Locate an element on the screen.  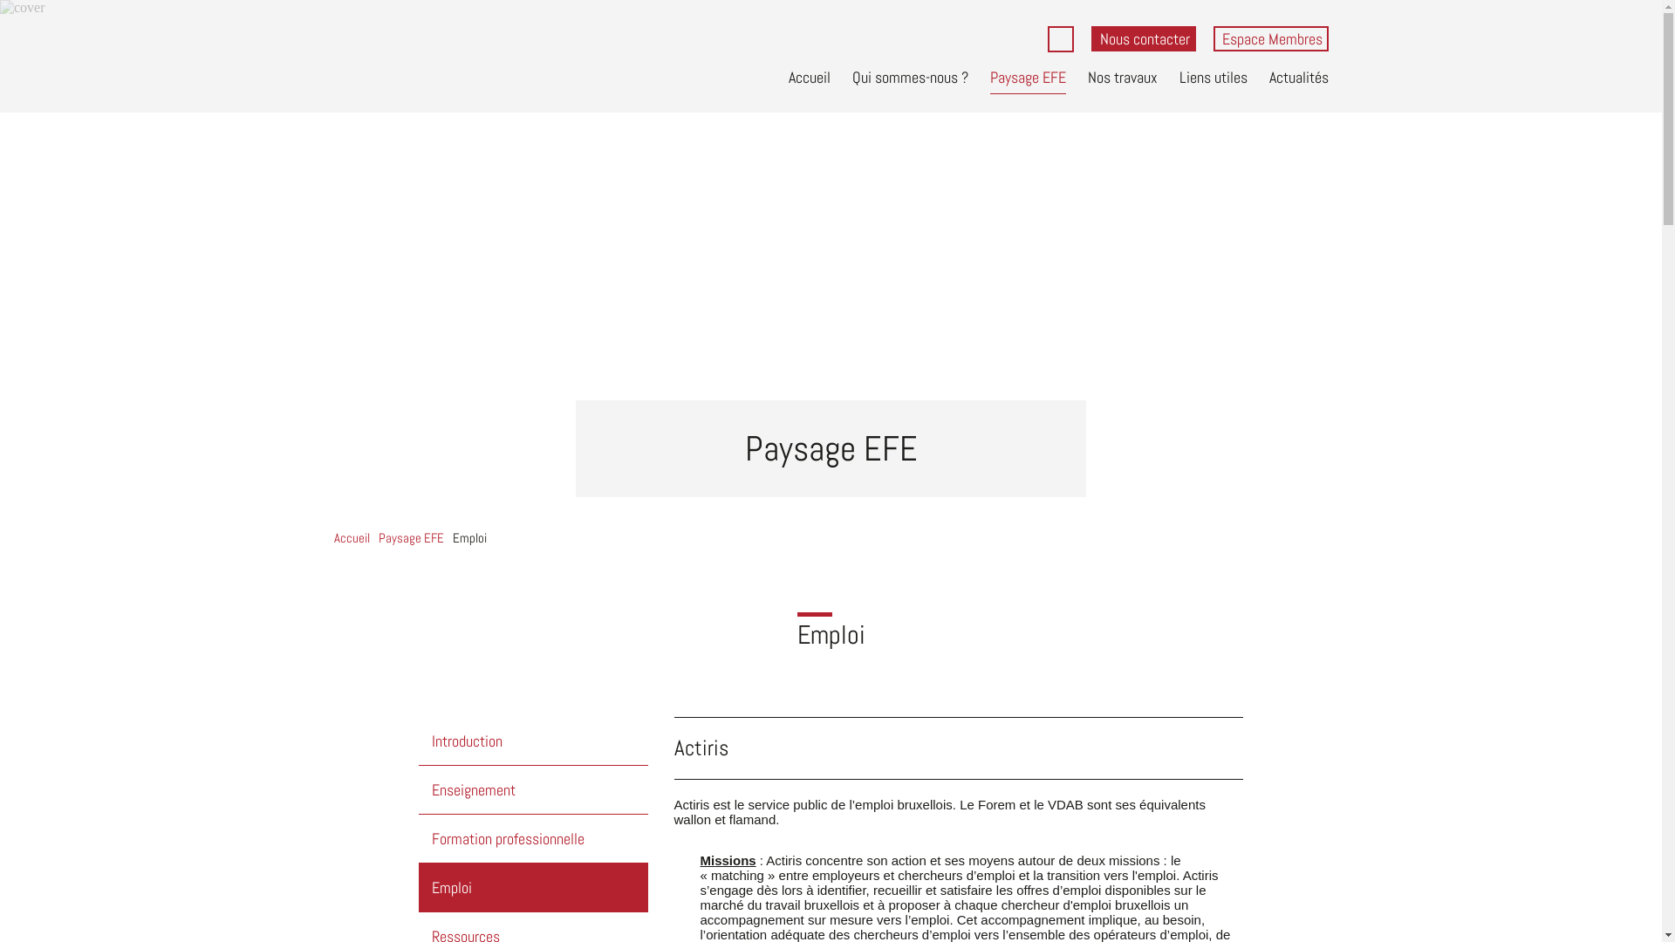
'Formation professionnelle' is located at coordinates (532, 837).